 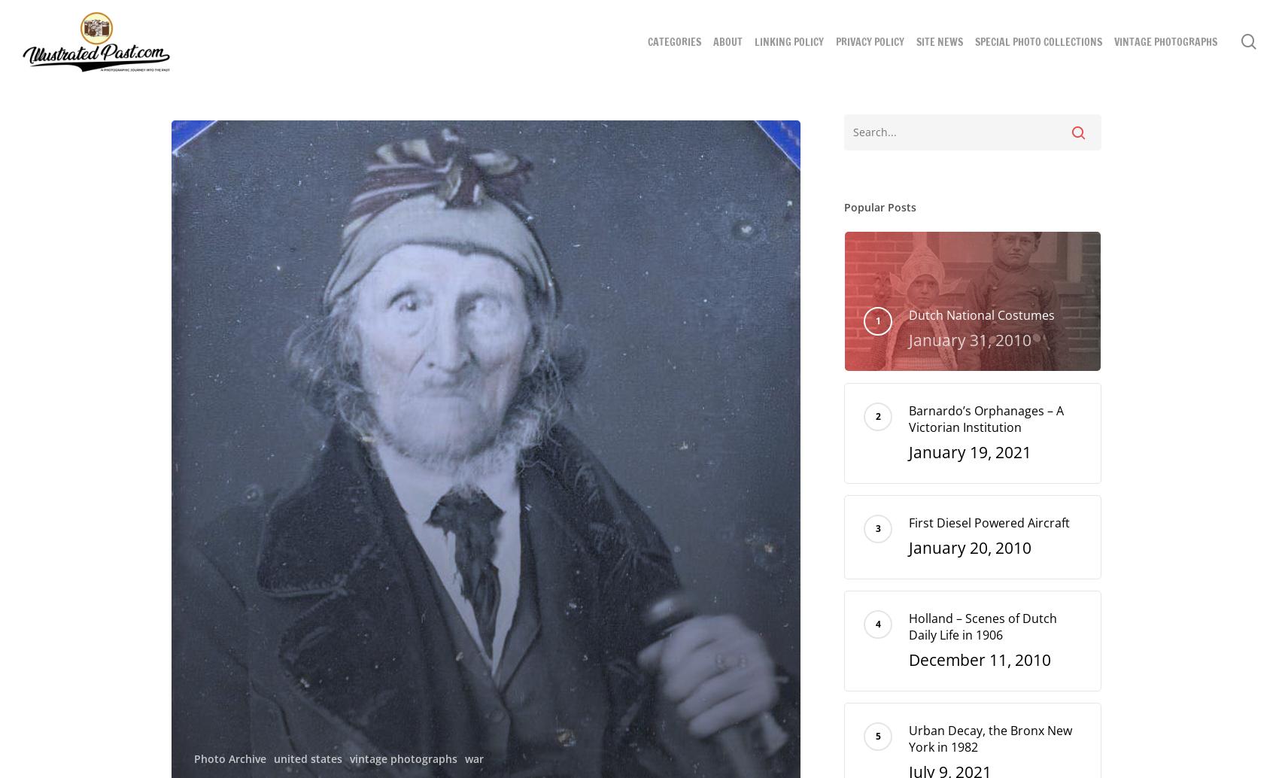 What do you see at coordinates (1038, 42) in the screenshot?
I see `'Special Photo Collections'` at bounding box center [1038, 42].